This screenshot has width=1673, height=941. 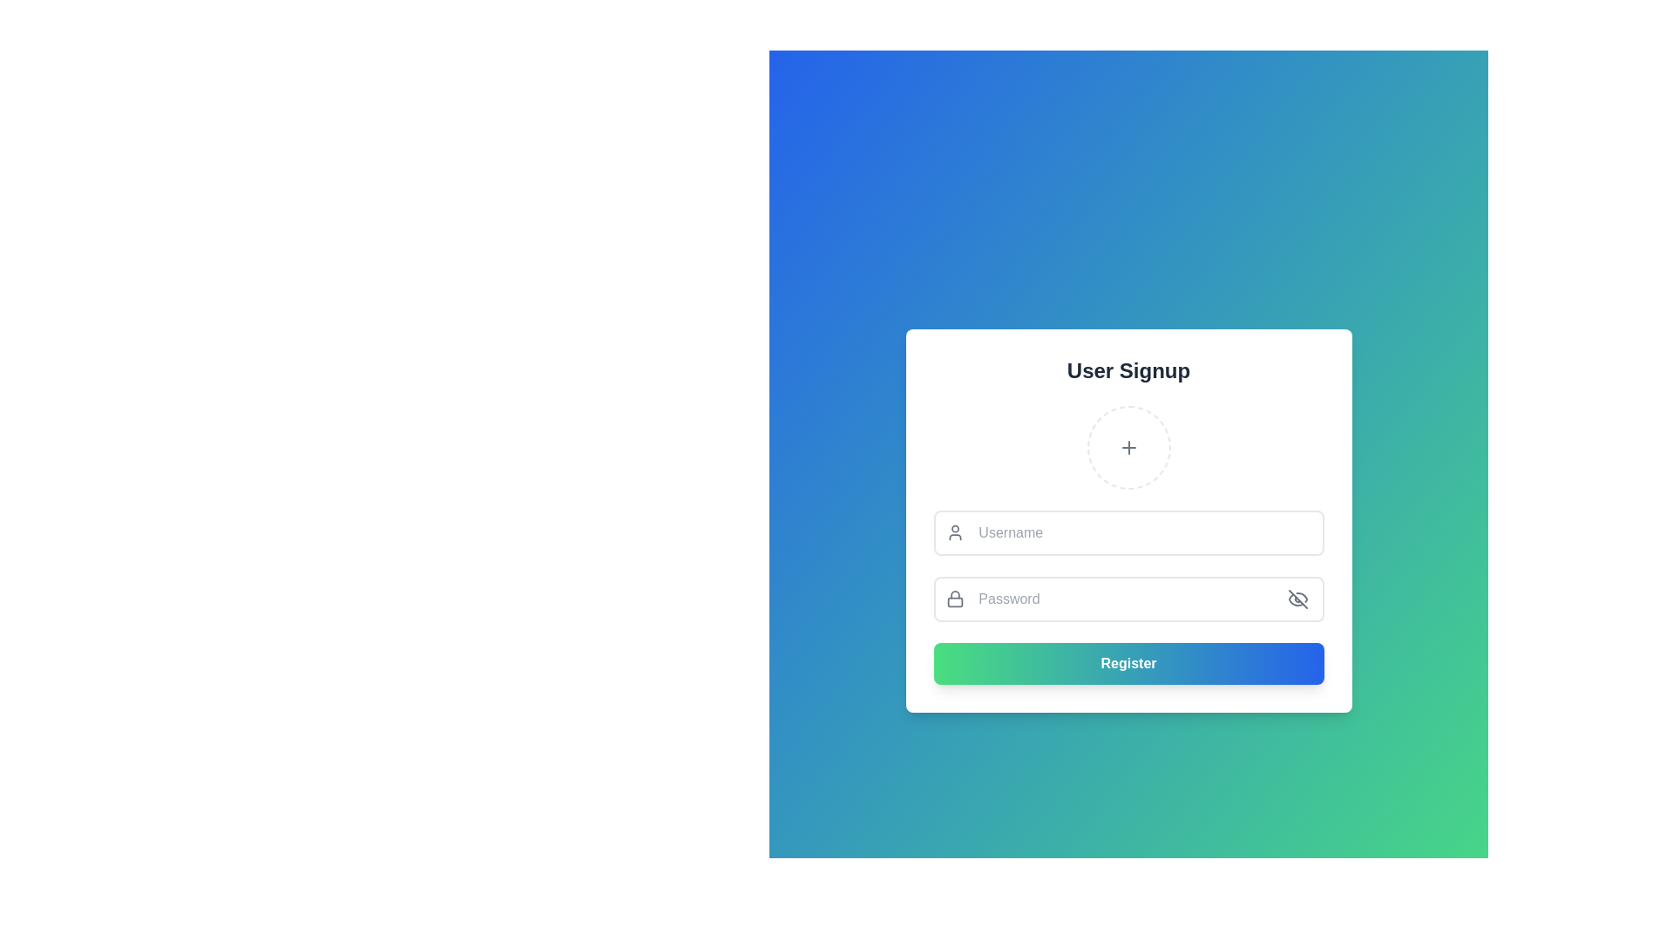 I want to click on the vertical form section for user credential input to focus on the input fields, so click(x=1128, y=544).